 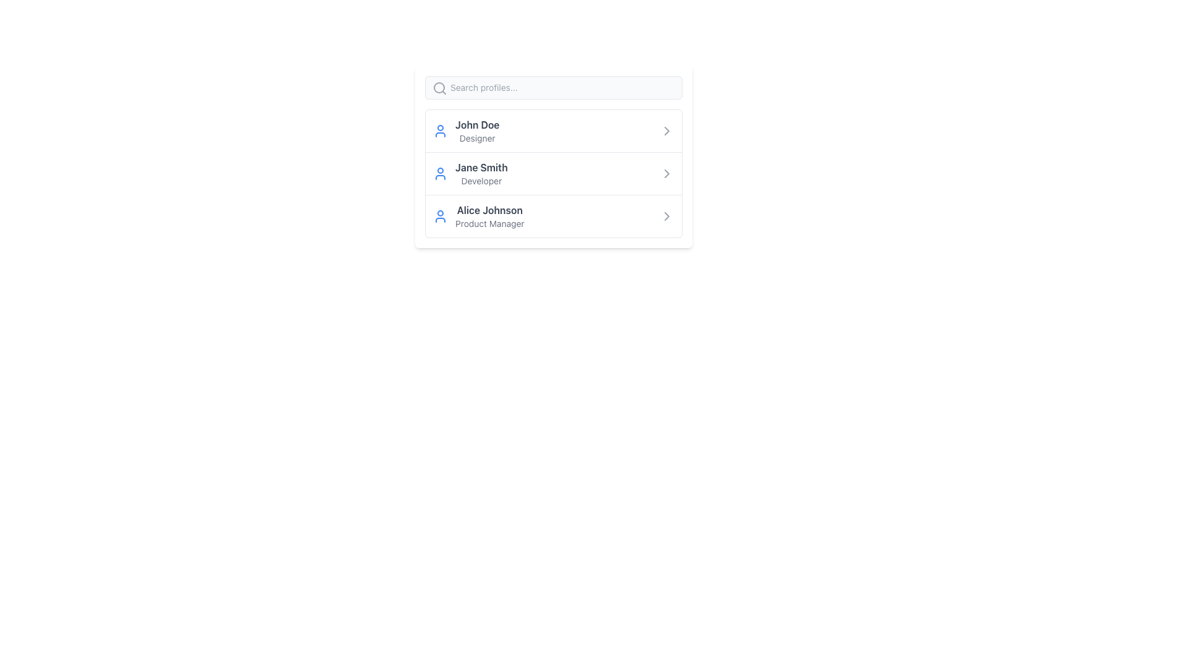 I want to click on the user profile icon for Jane Smith to trigger auxiliary actions related to the profile, so click(x=440, y=174).